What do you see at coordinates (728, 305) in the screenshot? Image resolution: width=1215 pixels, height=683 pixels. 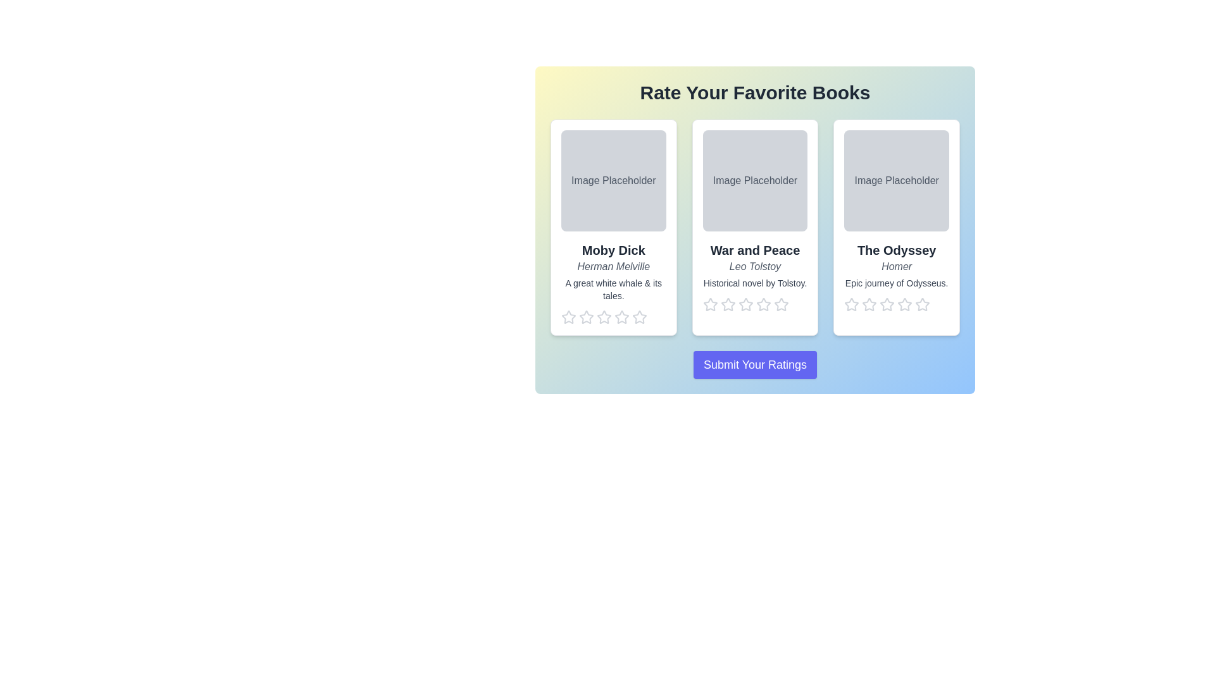 I see `the star corresponding to the rating 2 for the book War and Peace` at bounding box center [728, 305].